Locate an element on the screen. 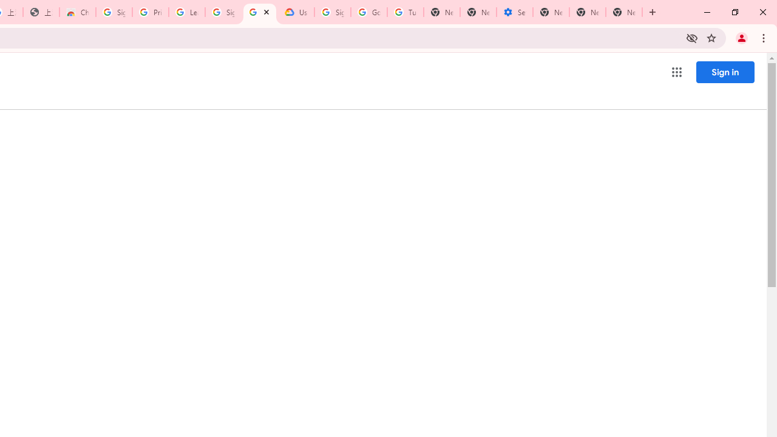 This screenshot has height=437, width=777. 'Turn cookies on or off - Computer - Google Account Help' is located at coordinates (405, 12).